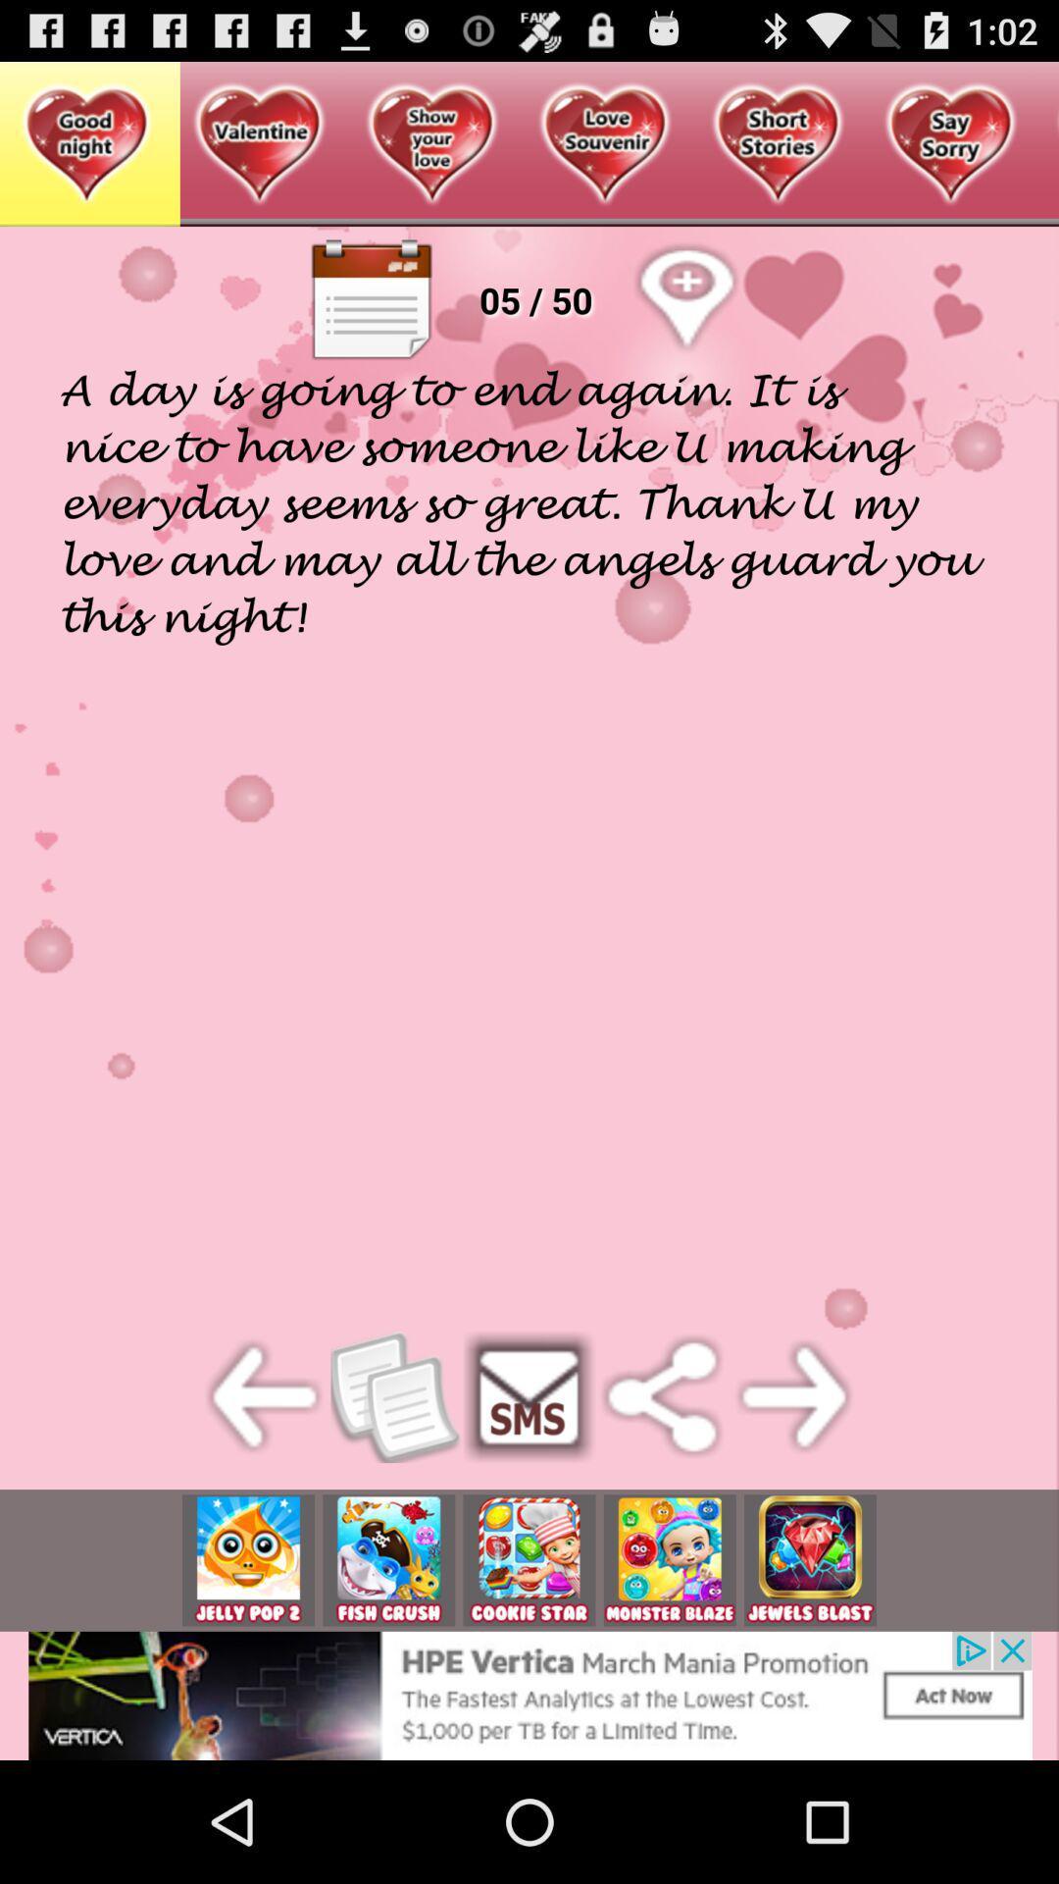 The height and width of the screenshot is (1884, 1059). What do you see at coordinates (794, 1395) in the screenshot?
I see `go forward` at bounding box center [794, 1395].